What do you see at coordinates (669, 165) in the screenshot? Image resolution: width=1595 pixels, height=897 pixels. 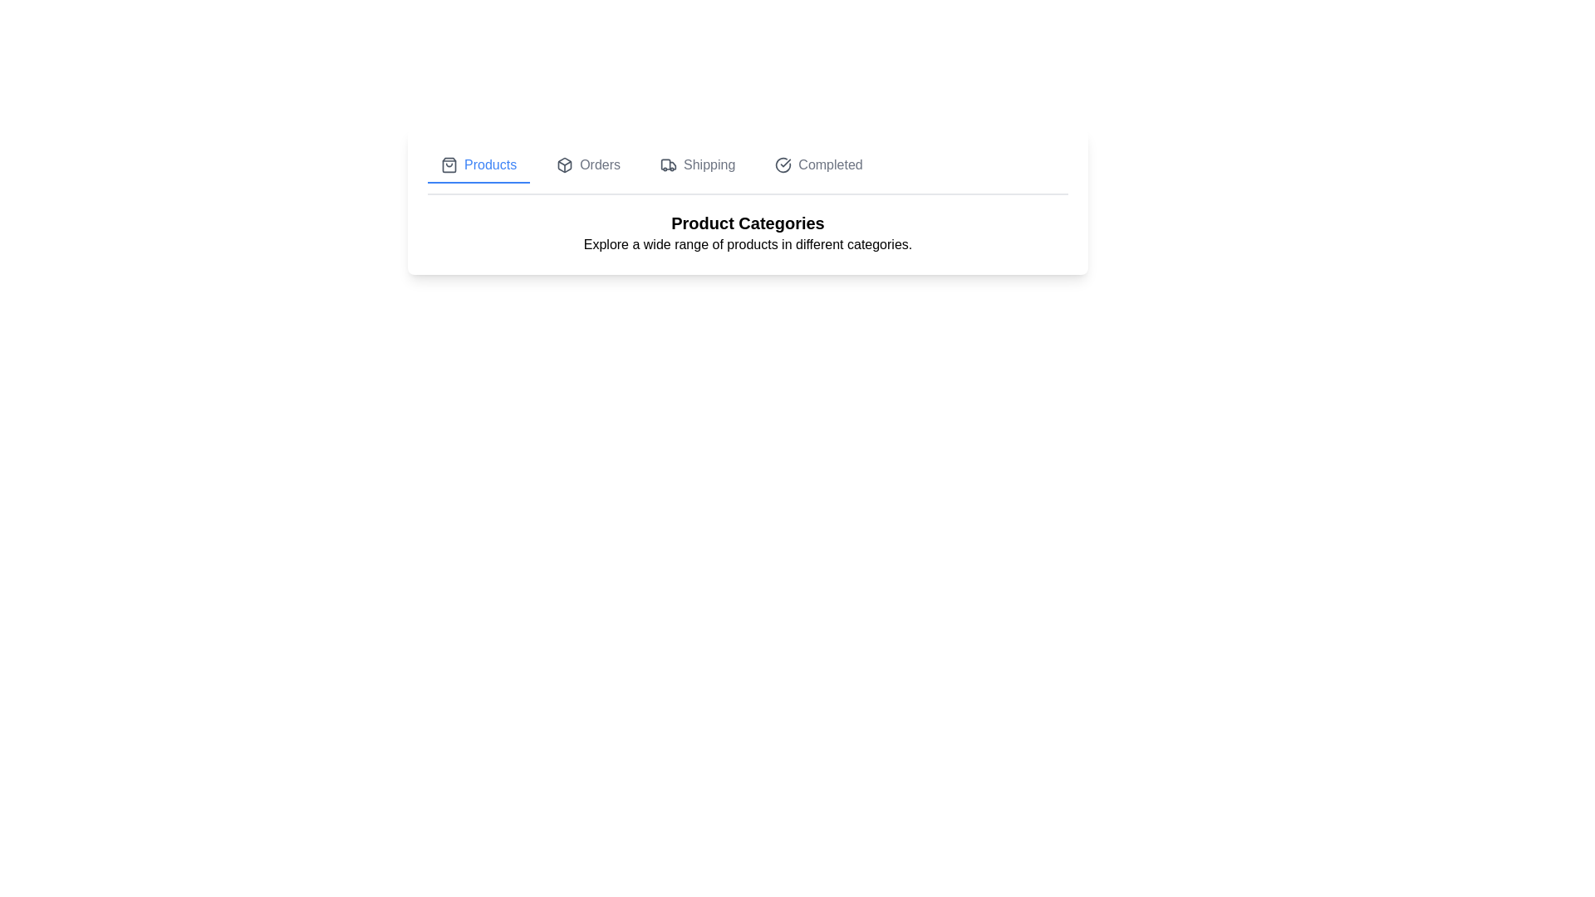 I see `the truck SVG icon located within the 'Shipping' tab of the navigation menu` at bounding box center [669, 165].